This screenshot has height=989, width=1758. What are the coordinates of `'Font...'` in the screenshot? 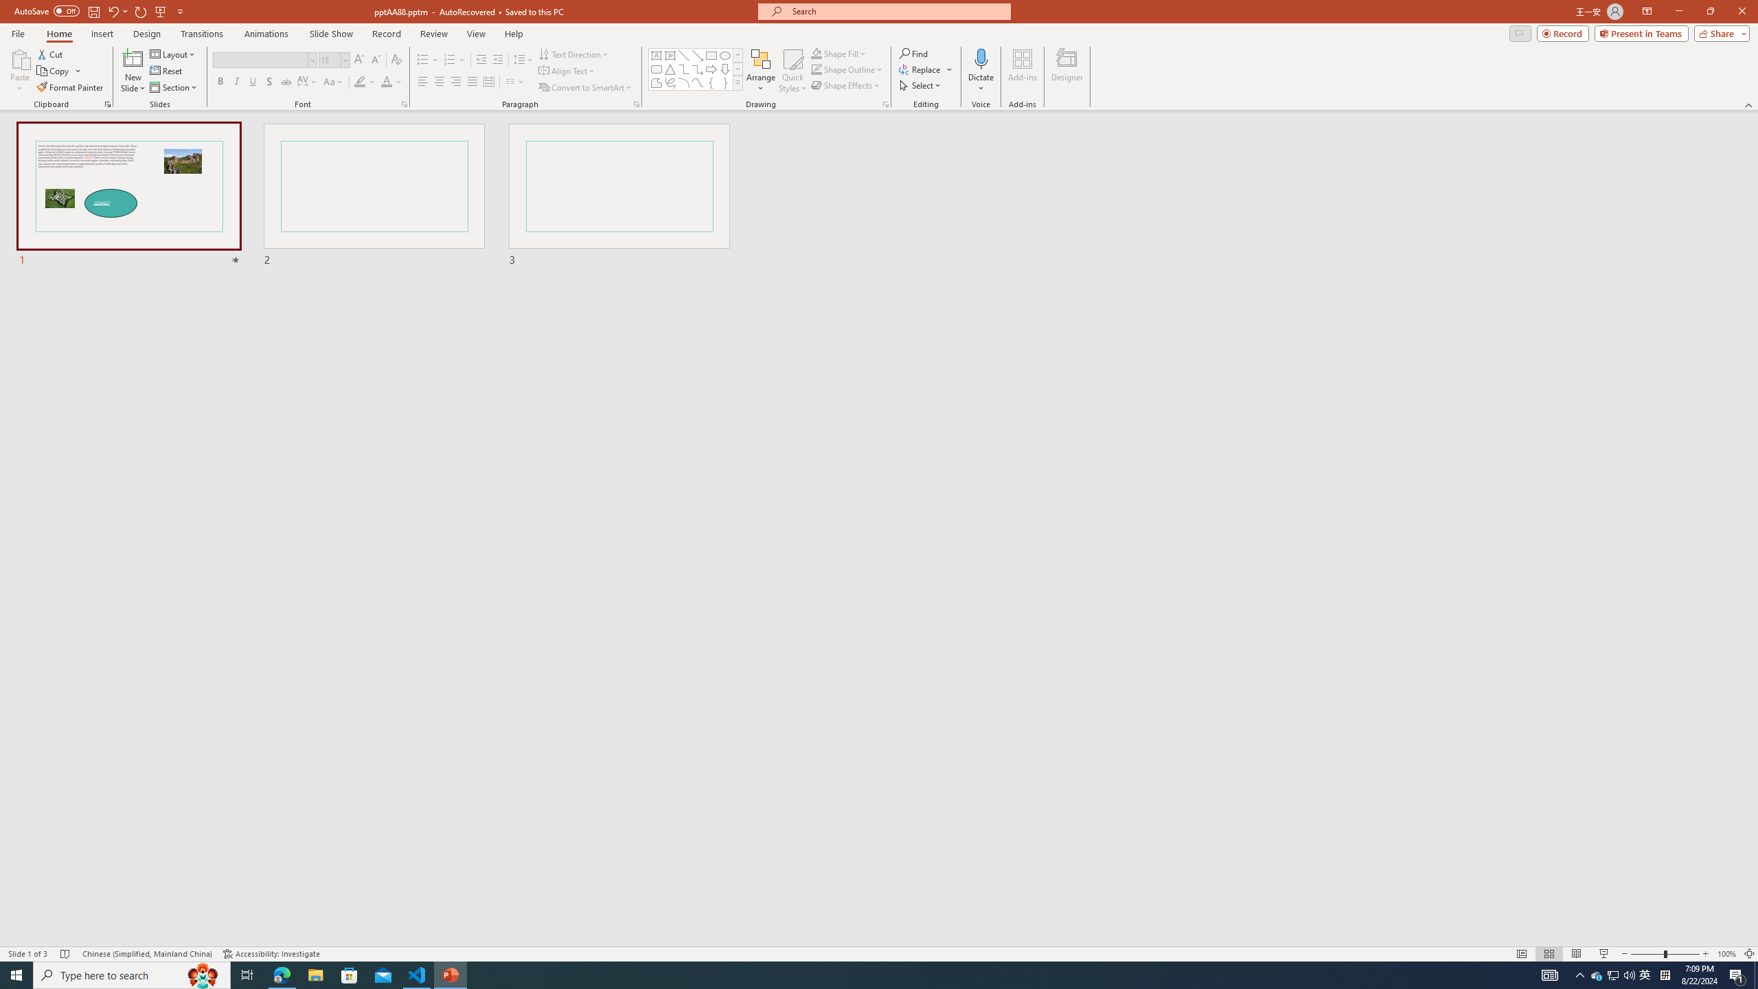 It's located at (403, 103).